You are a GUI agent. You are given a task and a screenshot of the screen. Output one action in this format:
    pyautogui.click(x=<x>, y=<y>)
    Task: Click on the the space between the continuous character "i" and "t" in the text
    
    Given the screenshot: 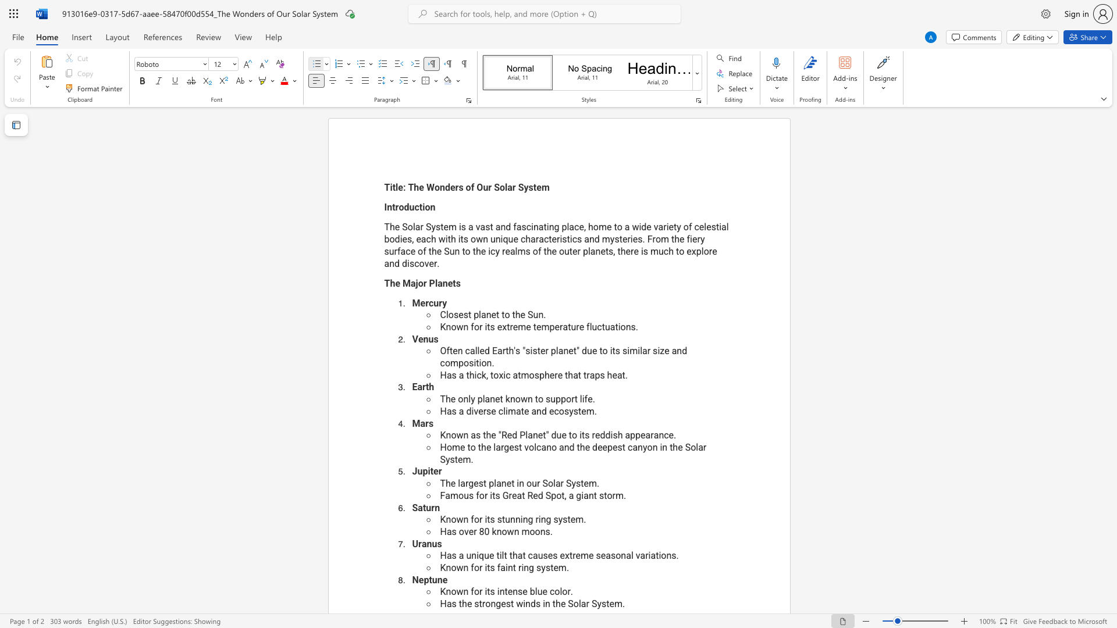 What is the action you would take?
    pyautogui.click(x=487, y=591)
    